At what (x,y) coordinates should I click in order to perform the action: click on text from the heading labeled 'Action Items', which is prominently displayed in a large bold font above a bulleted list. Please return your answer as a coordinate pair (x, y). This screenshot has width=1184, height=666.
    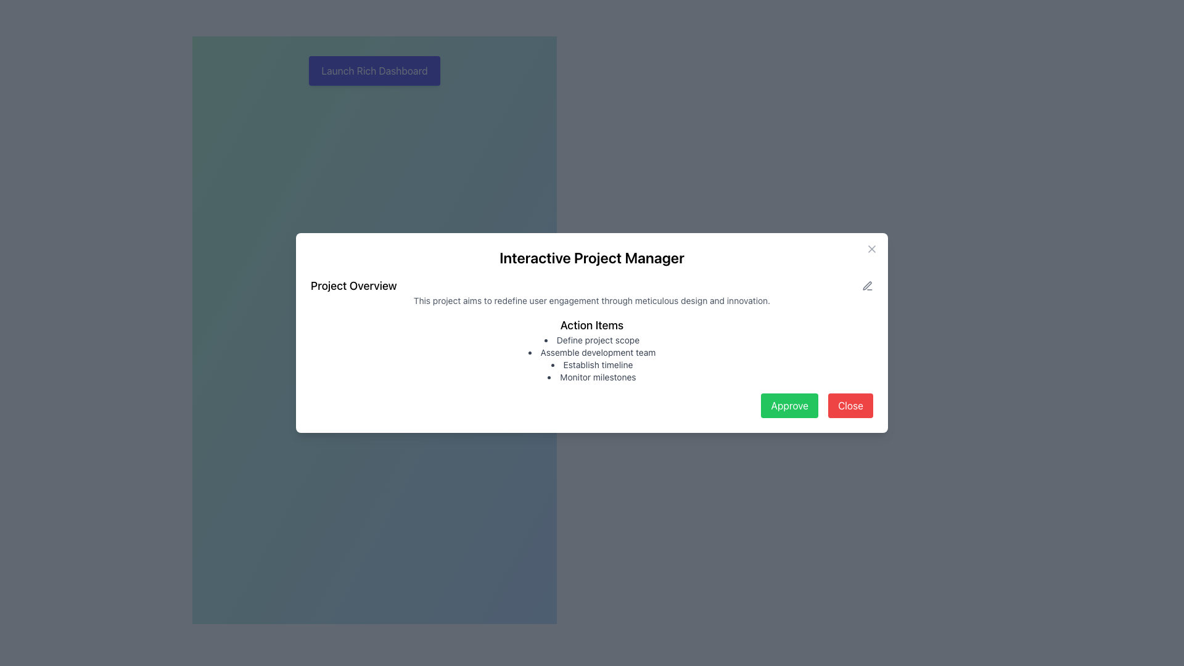
    Looking at the image, I should click on (592, 325).